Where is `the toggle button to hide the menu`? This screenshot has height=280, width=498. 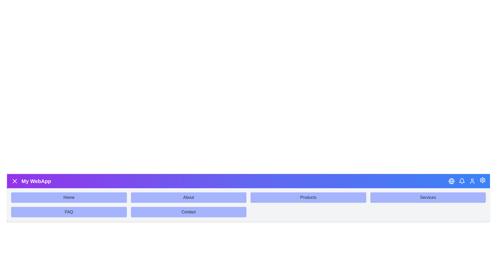
the toggle button to hide the menu is located at coordinates (15, 181).